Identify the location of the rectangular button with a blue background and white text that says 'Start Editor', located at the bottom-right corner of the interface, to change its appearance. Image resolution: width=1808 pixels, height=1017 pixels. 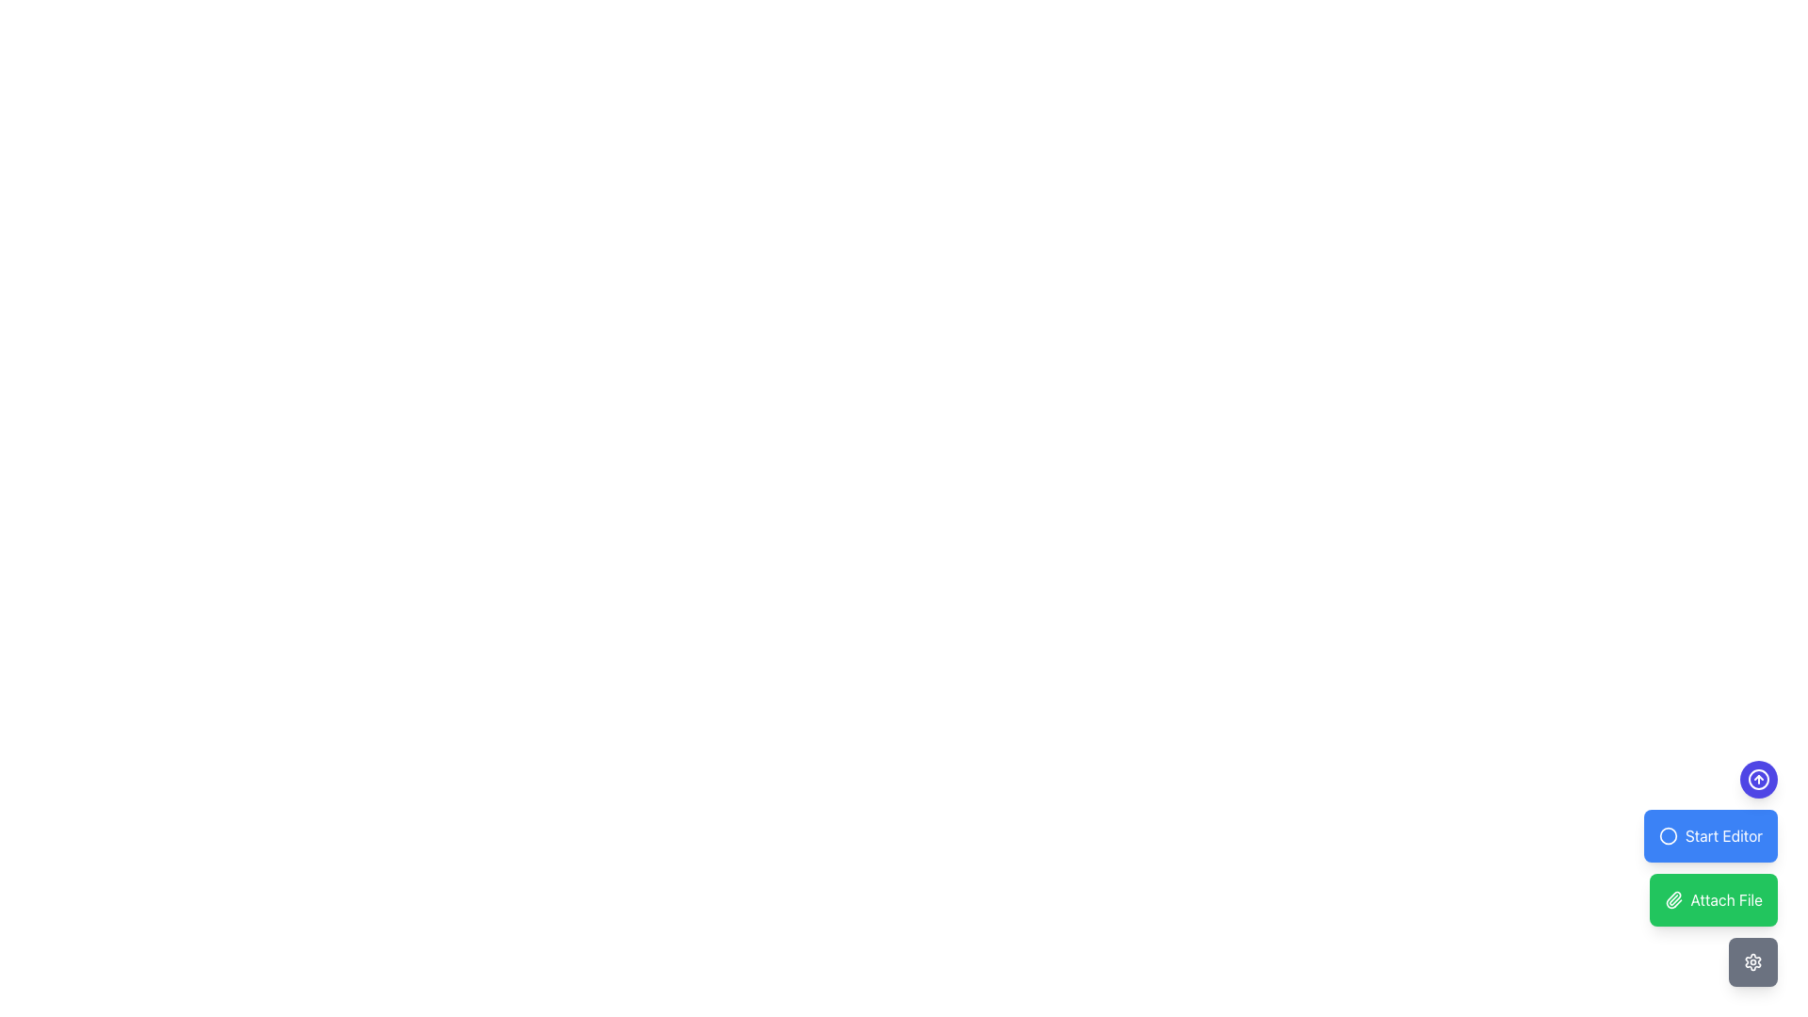
(1710, 834).